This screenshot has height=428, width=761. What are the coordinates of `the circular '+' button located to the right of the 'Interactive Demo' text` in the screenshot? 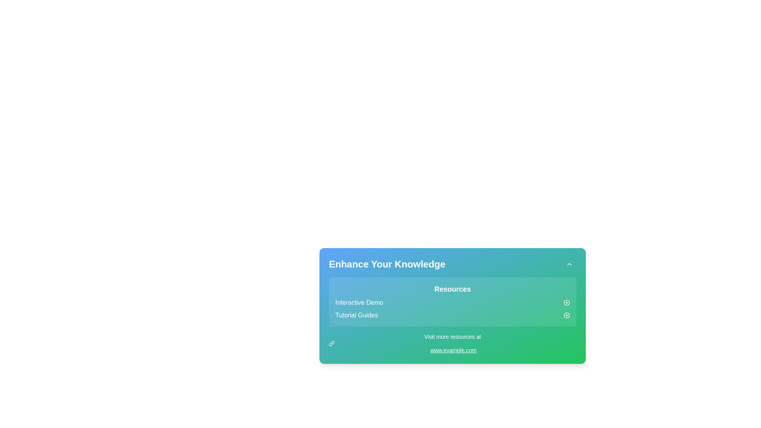 It's located at (566, 302).